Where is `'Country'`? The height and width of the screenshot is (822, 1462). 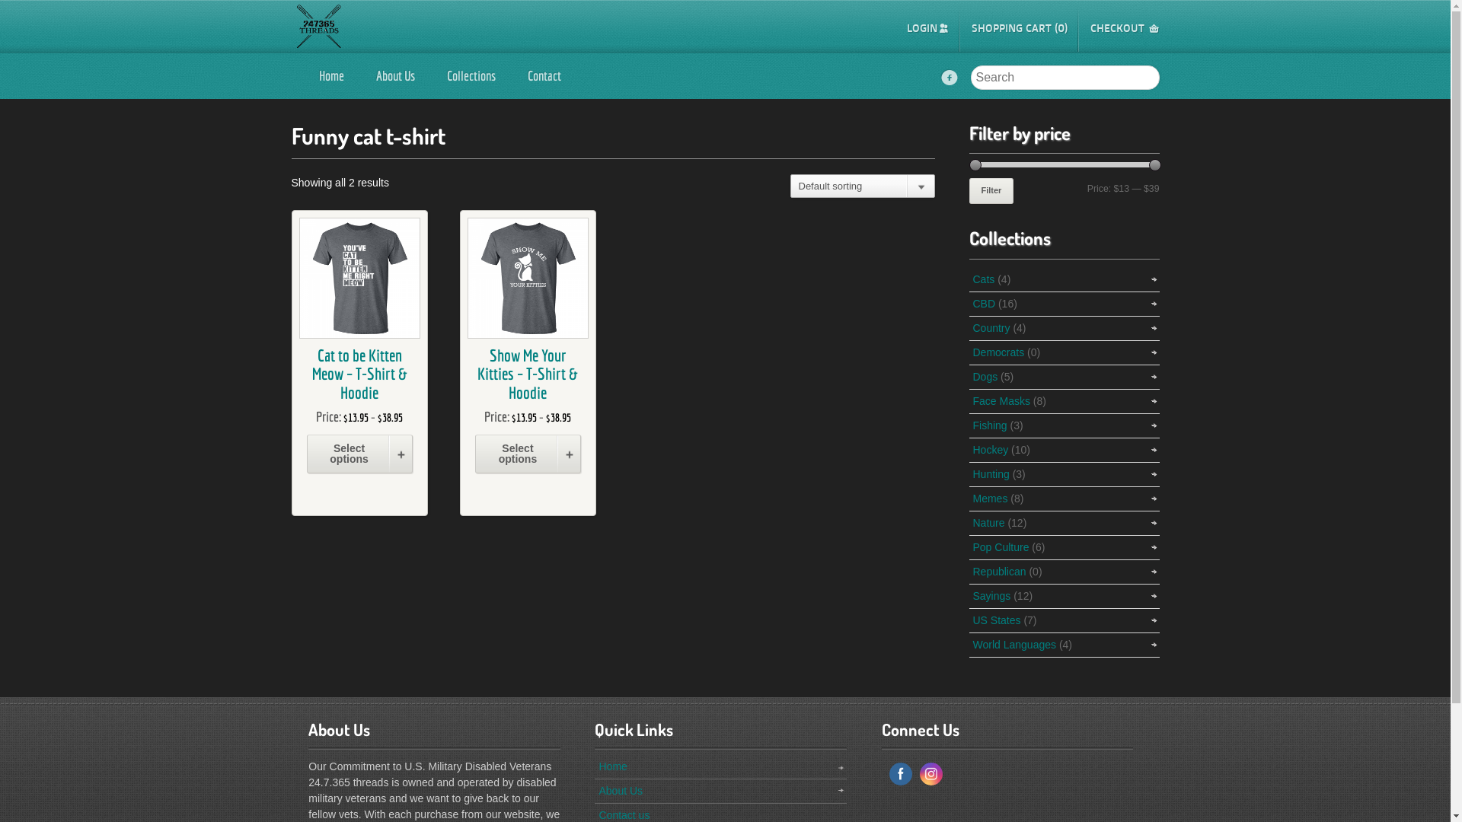
'Country' is located at coordinates (991, 327).